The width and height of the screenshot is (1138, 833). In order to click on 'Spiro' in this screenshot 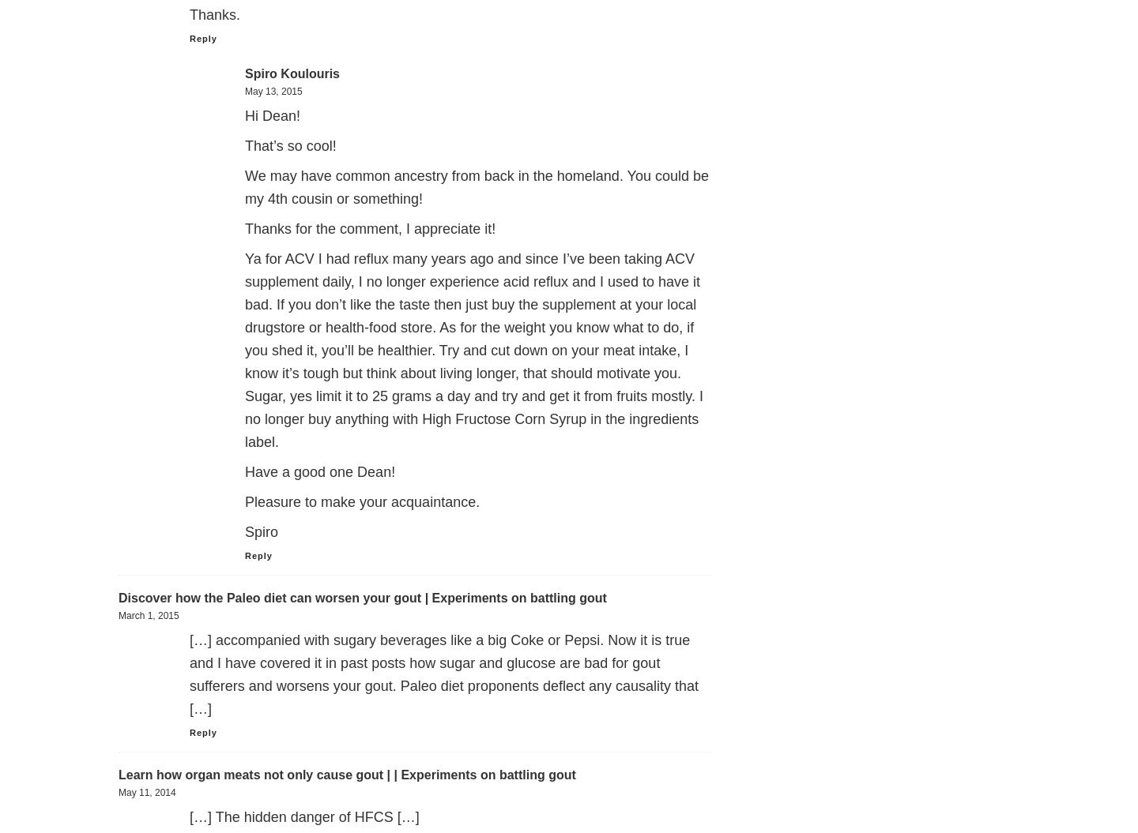, I will do `click(262, 531)`.